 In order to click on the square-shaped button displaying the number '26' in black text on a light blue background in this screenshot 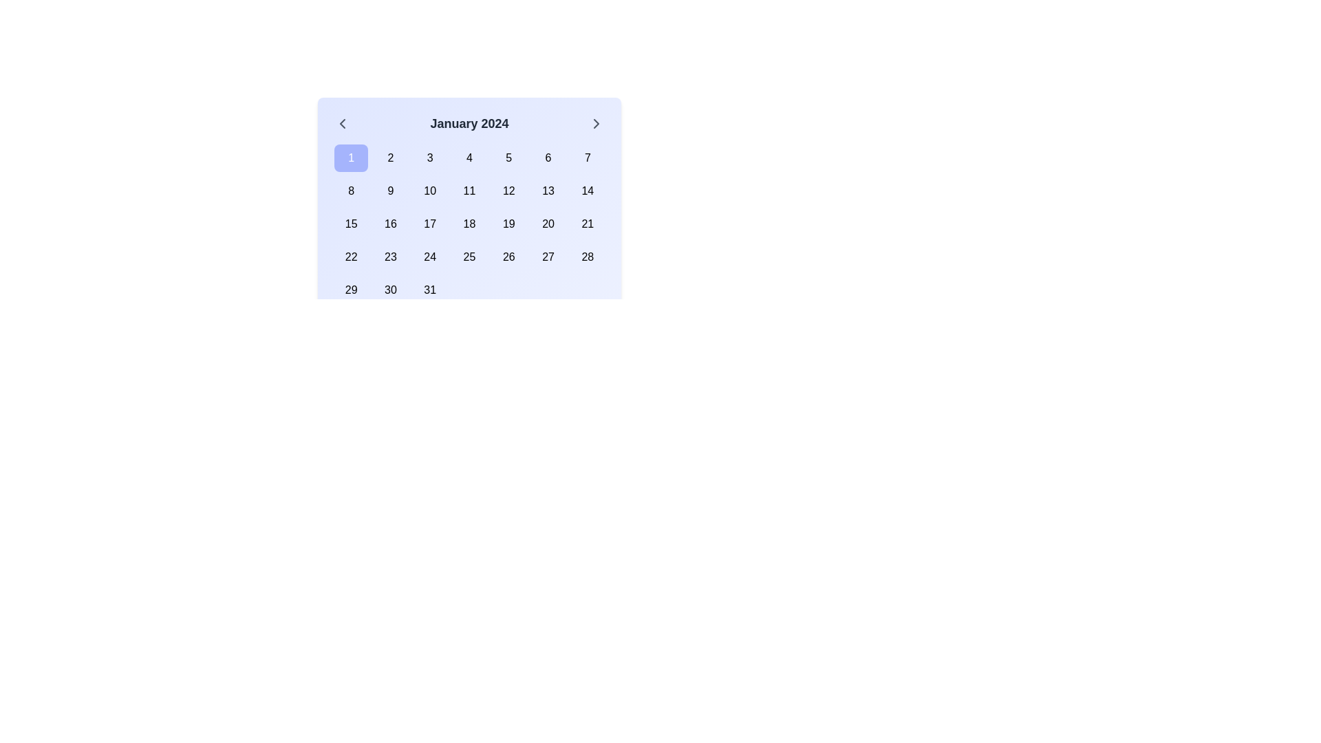, I will do `click(508, 257)`.